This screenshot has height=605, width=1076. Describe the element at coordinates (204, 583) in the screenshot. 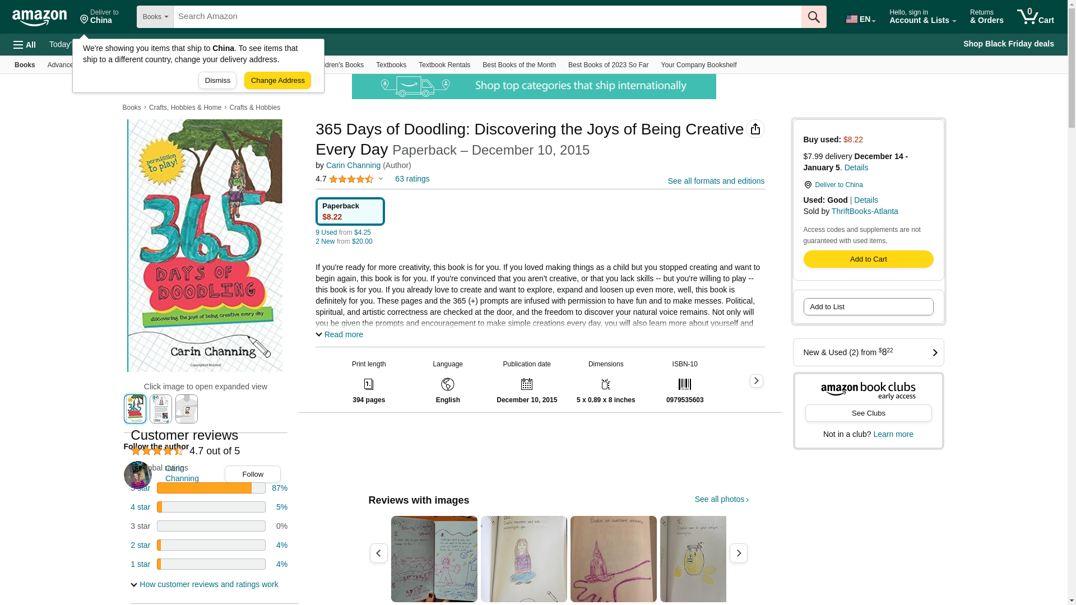

I see `'How customer reviews and ratings work'` at that location.